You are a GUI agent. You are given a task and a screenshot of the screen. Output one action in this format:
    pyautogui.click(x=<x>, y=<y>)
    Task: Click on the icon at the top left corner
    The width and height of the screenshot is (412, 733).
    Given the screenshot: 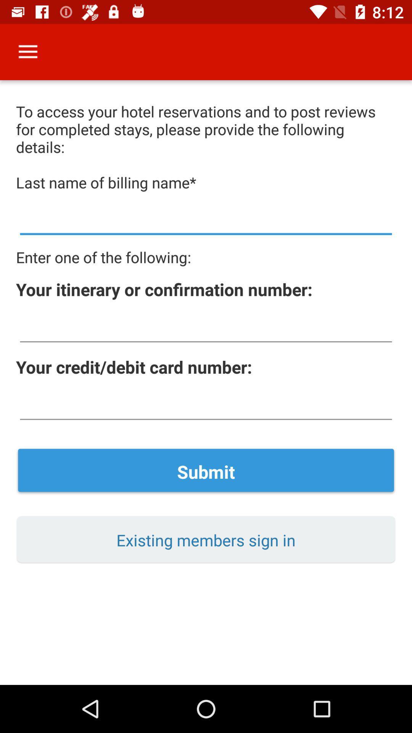 What is the action you would take?
    pyautogui.click(x=27, y=52)
    